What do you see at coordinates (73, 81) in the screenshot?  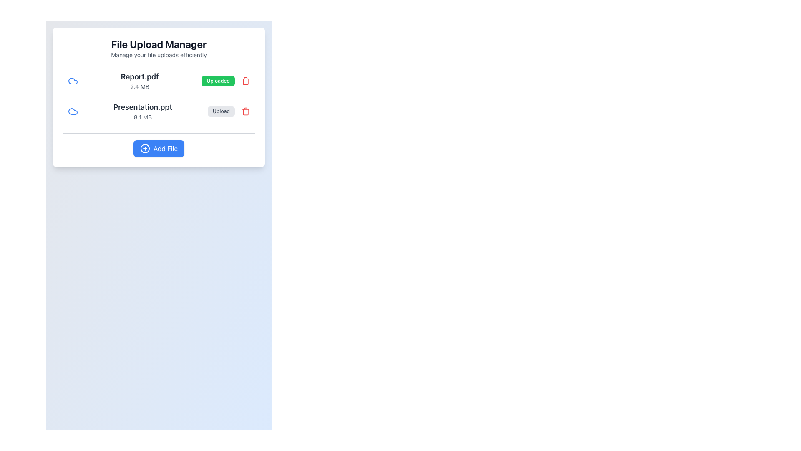 I see `the blue cloud-shaped icon representing the file 'Report.pdf' in the 'Uploaded' section` at bounding box center [73, 81].